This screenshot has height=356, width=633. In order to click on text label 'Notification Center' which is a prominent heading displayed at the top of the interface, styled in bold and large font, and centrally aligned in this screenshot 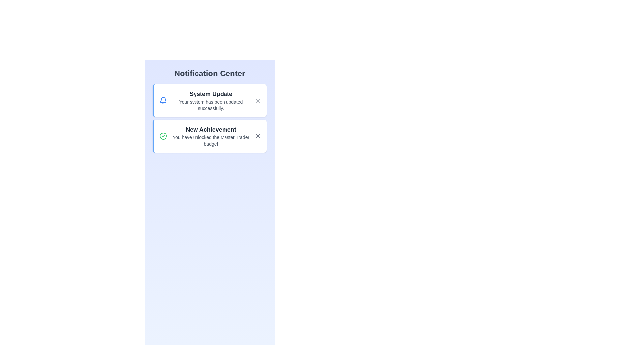, I will do `click(209, 74)`.